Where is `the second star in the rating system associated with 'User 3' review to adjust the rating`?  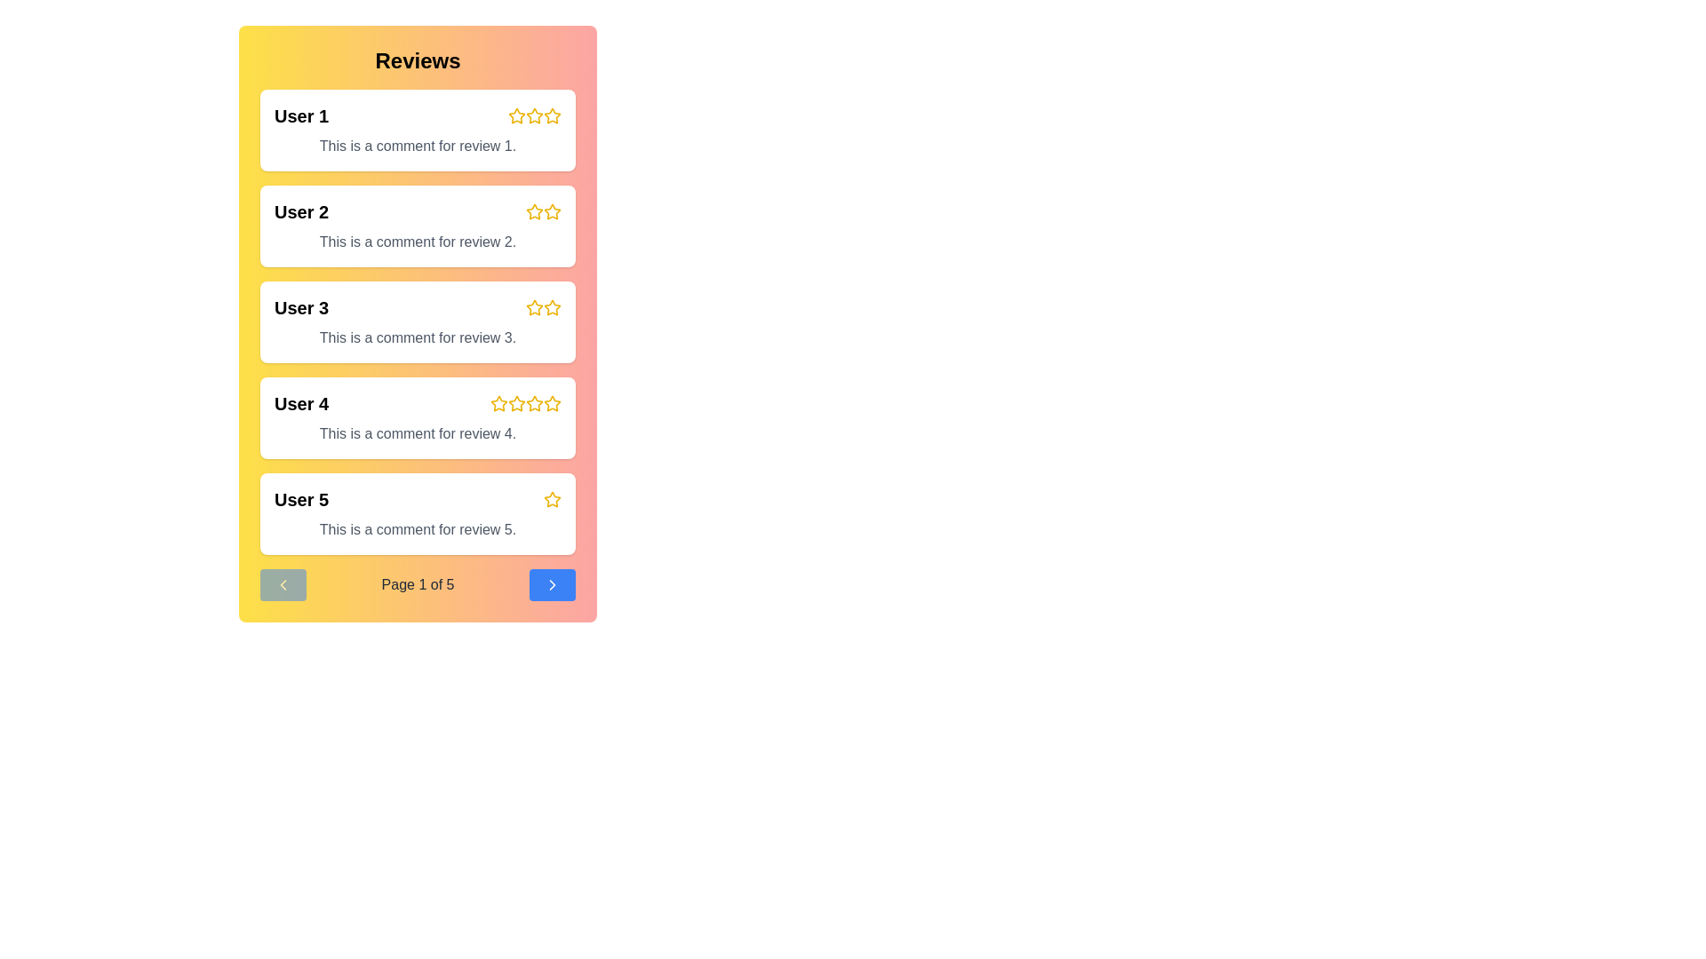 the second star in the rating system associated with 'User 3' review to adjust the rating is located at coordinates (542, 307).